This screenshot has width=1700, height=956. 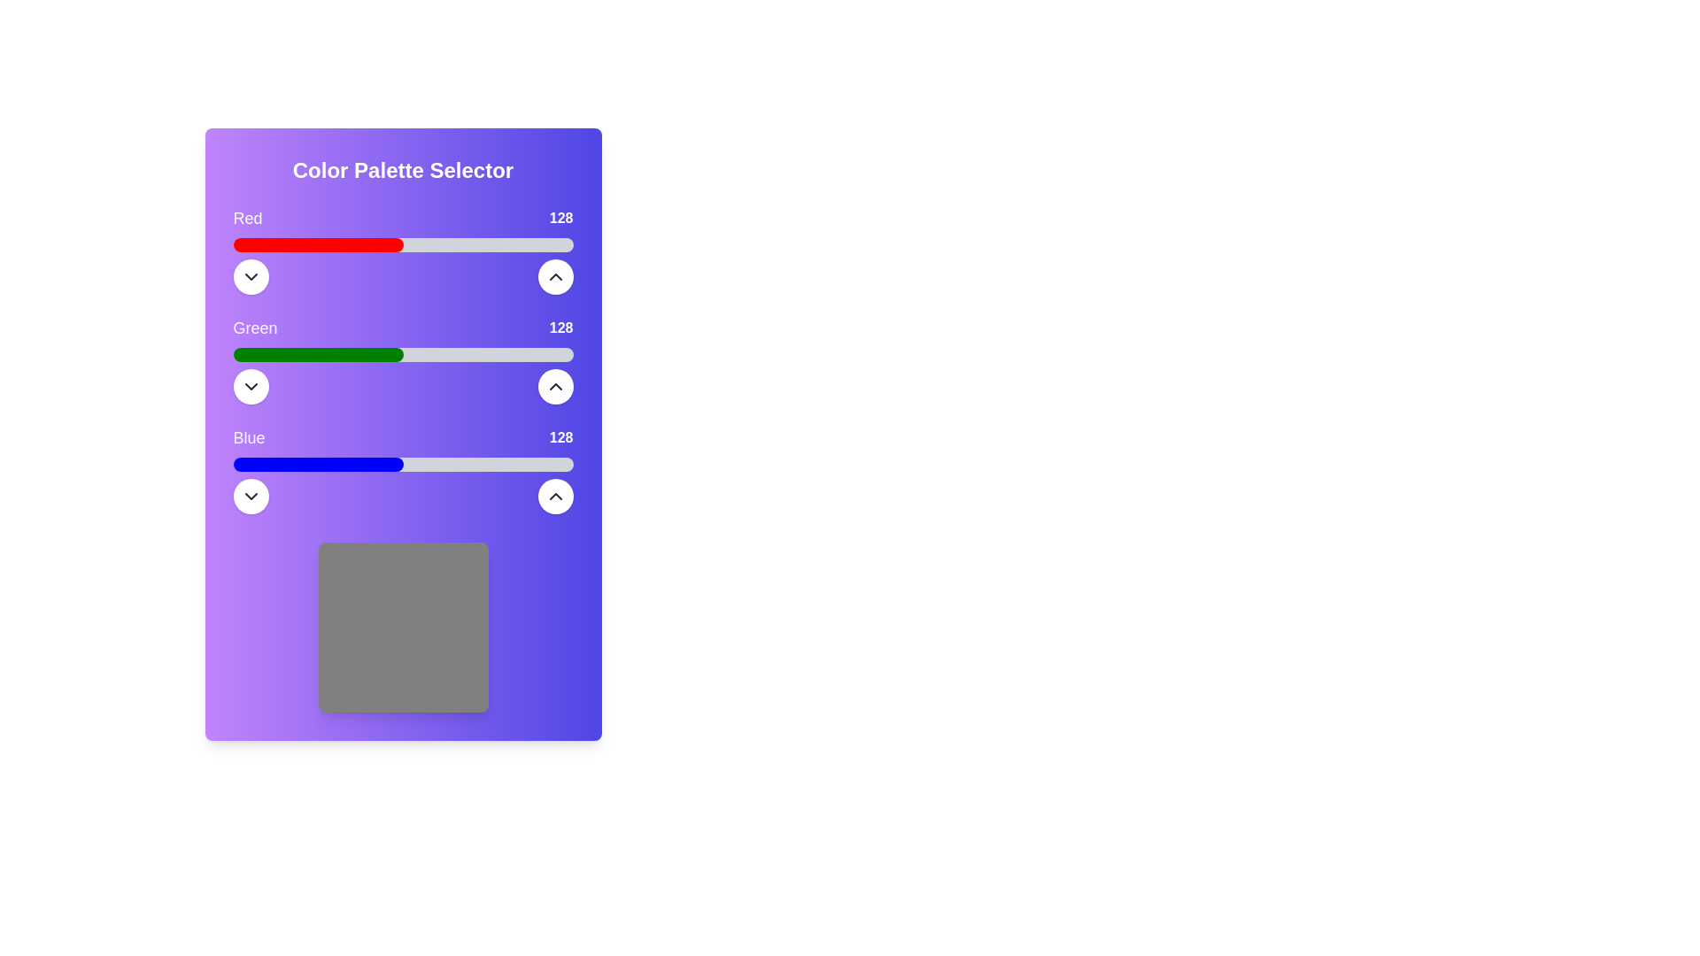 I want to click on the horizontal progress bar located below the text 'Red128', which is the first in a set of three, featuring a light gray background with a red-filled portion indicating progress, so click(x=402, y=245).